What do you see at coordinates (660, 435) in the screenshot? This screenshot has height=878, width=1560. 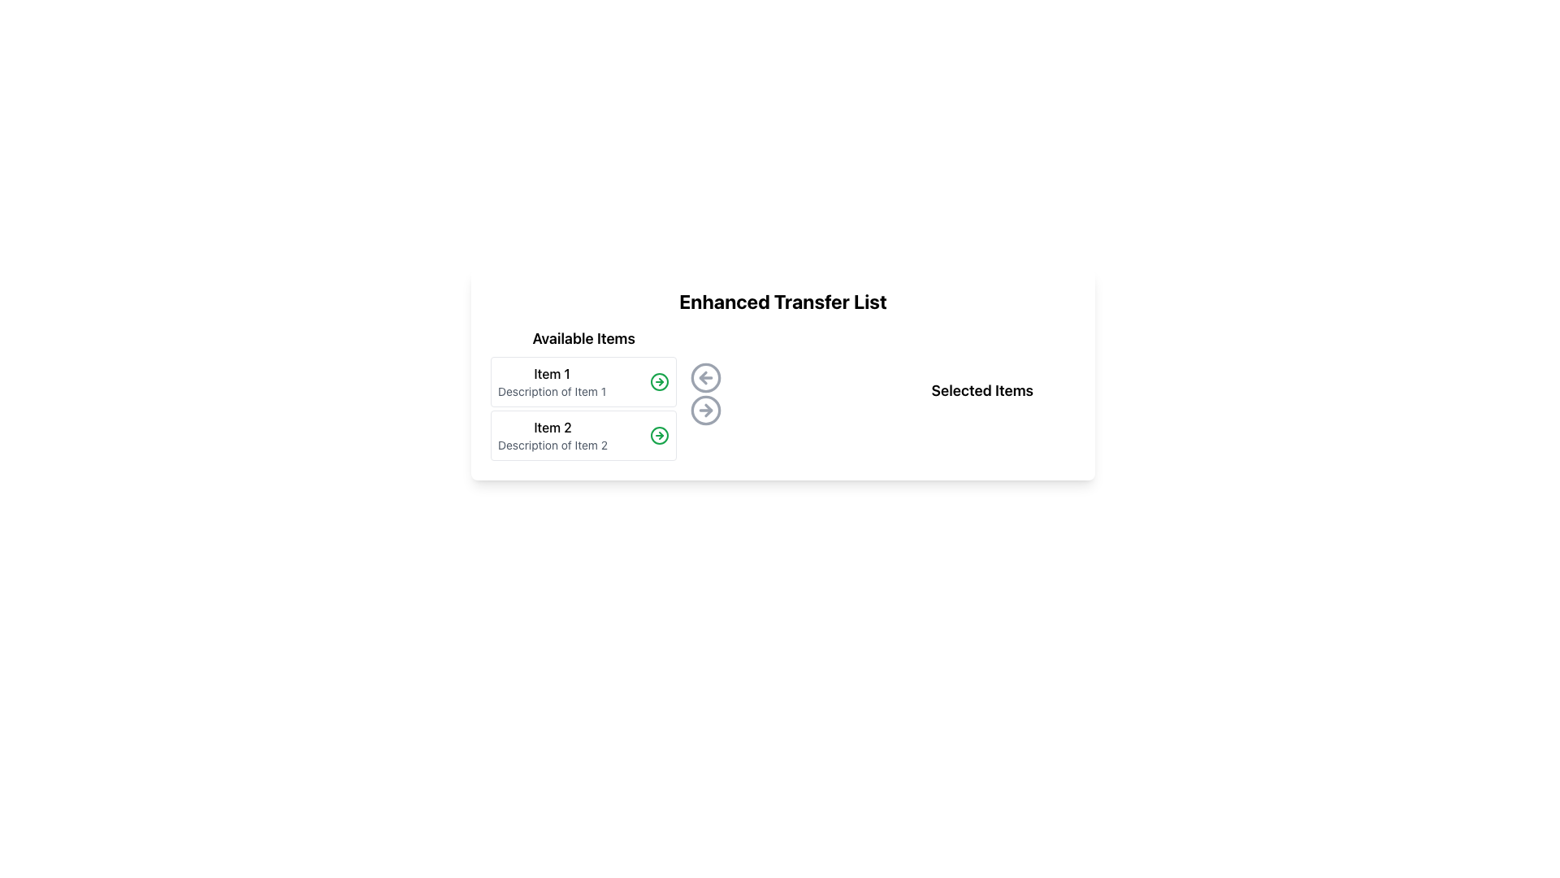 I see `the Icon button for Item 2, which is located to the right of the text 'Item 2' in the 'Available Items' column` at bounding box center [660, 435].